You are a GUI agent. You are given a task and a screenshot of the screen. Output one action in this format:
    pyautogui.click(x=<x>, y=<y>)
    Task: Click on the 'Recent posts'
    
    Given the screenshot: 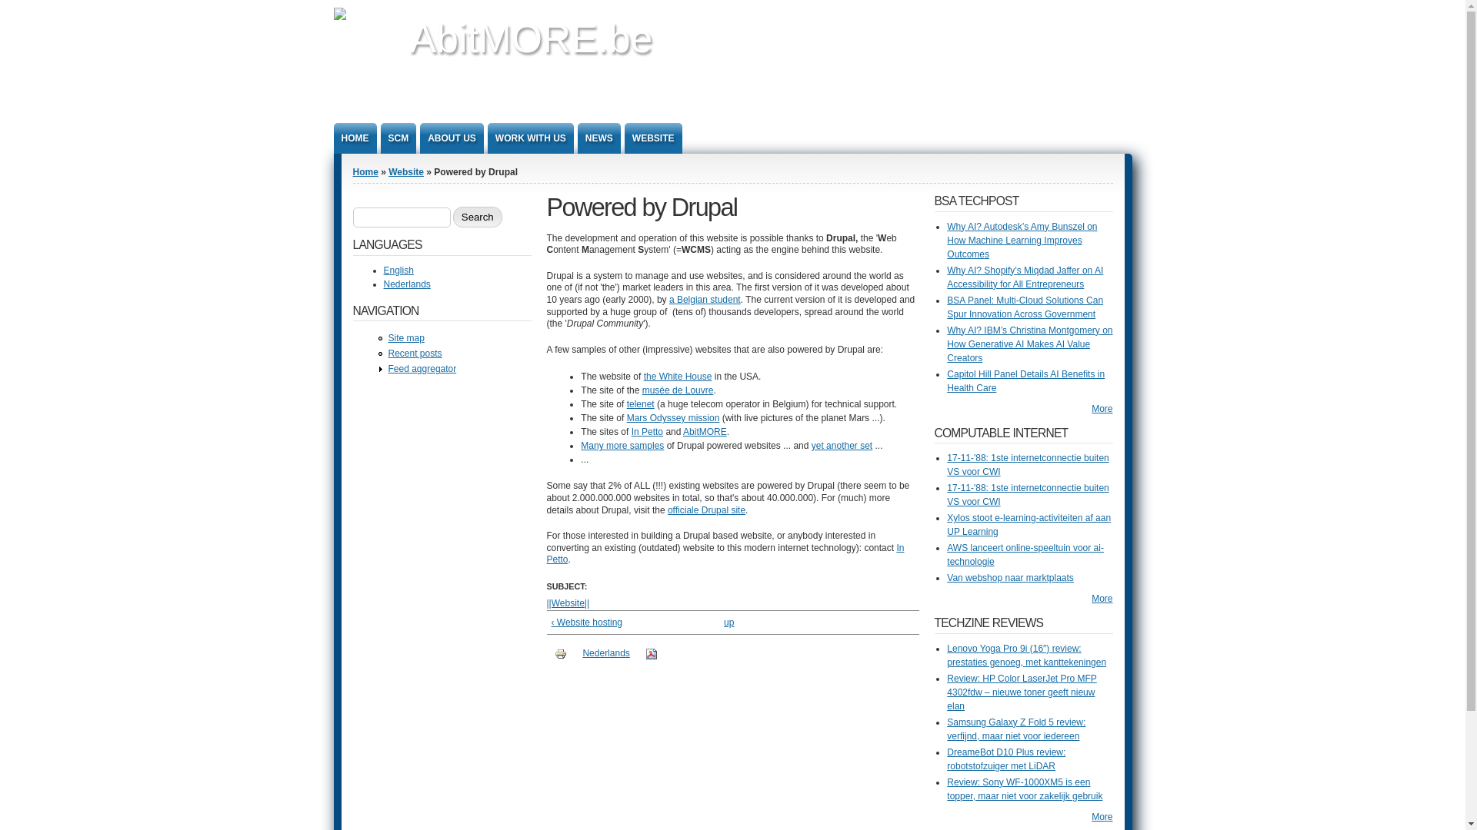 What is the action you would take?
    pyautogui.click(x=414, y=353)
    